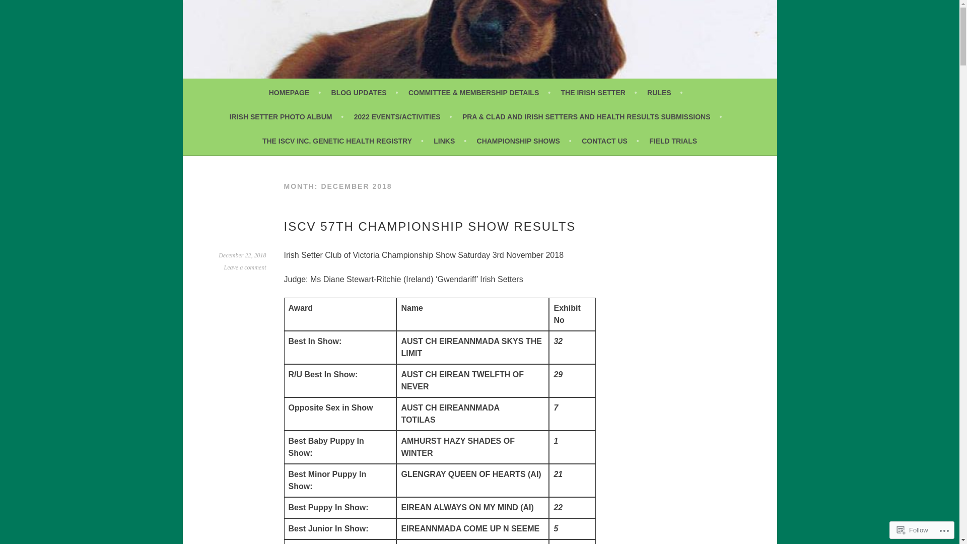 The width and height of the screenshot is (967, 544). Describe the element at coordinates (242, 254) in the screenshot. I see `'December 22, 2018'` at that location.